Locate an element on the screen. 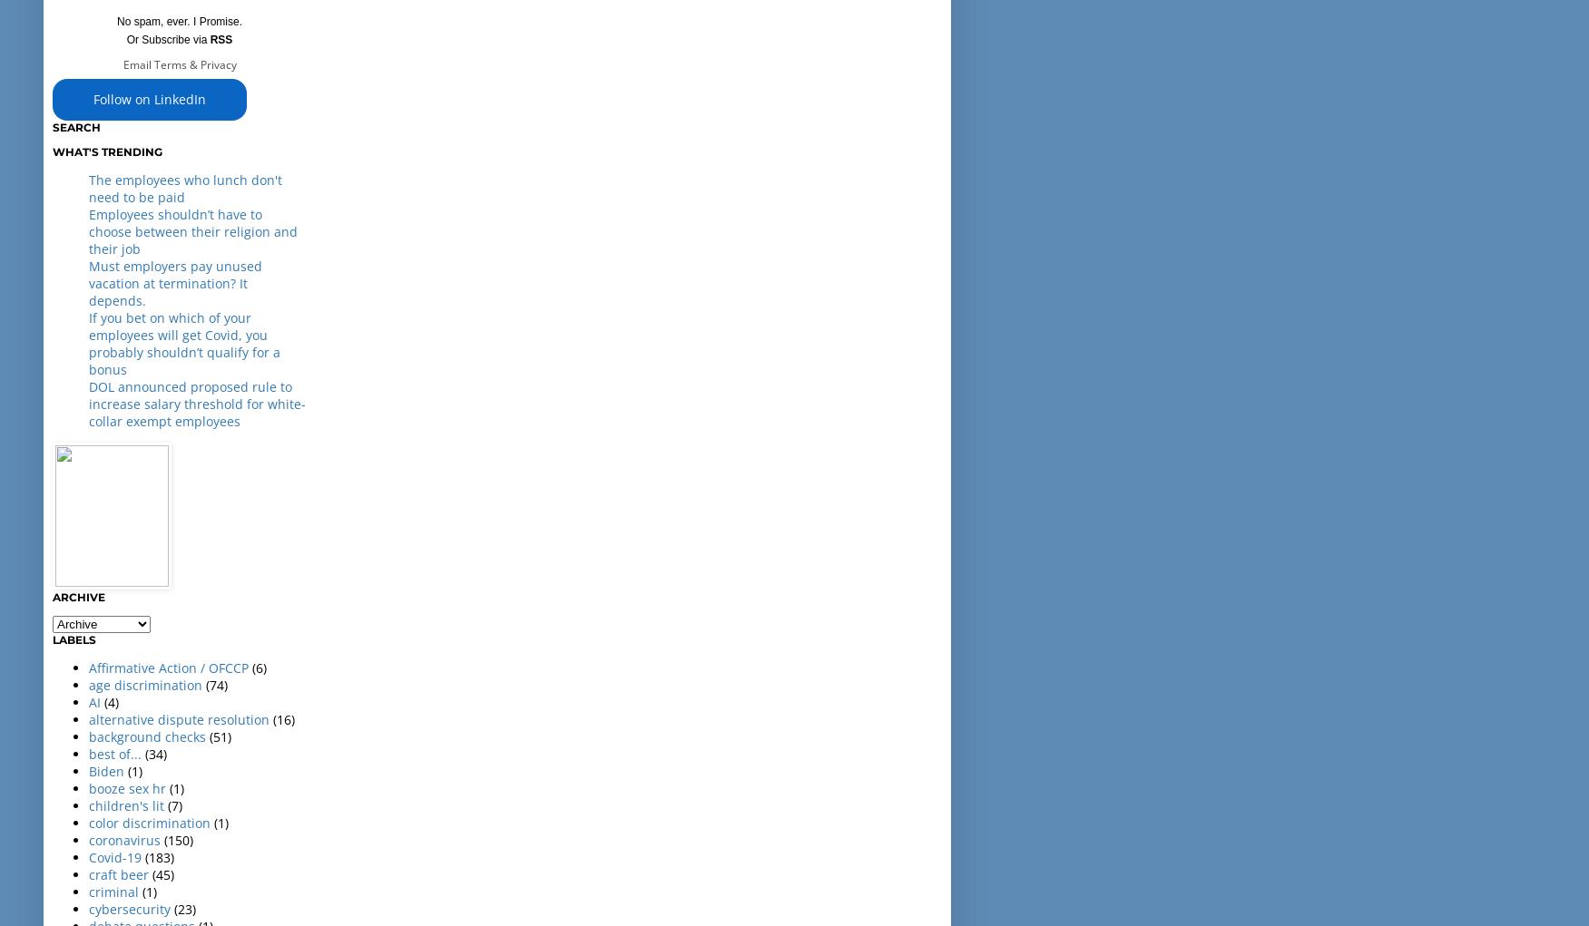 The height and width of the screenshot is (926, 1589). 'What's Trending' is located at coordinates (106, 150).